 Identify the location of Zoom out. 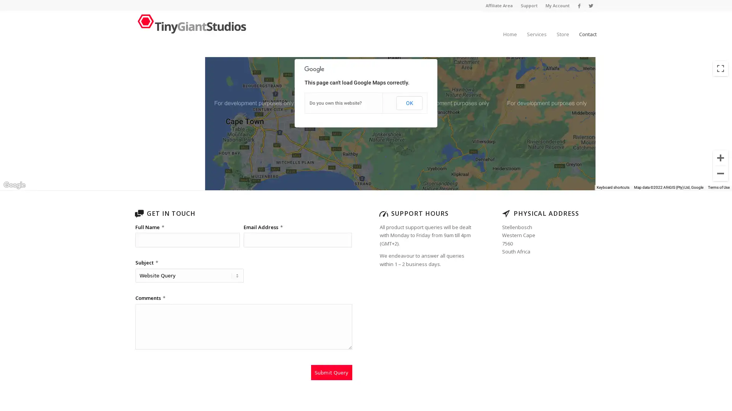
(720, 173).